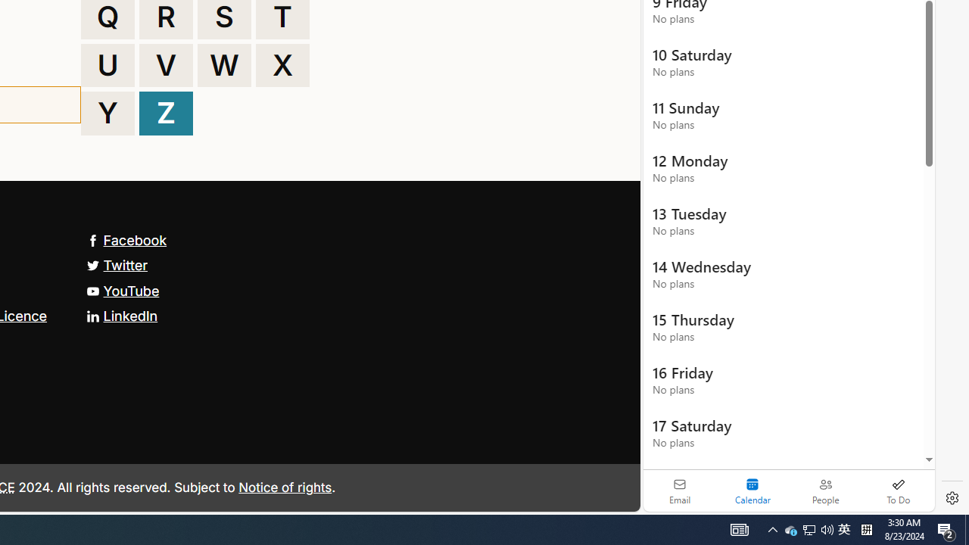  Describe the element at coordinates (679, 490) in the screenshot. I see `'Email'` at that location.